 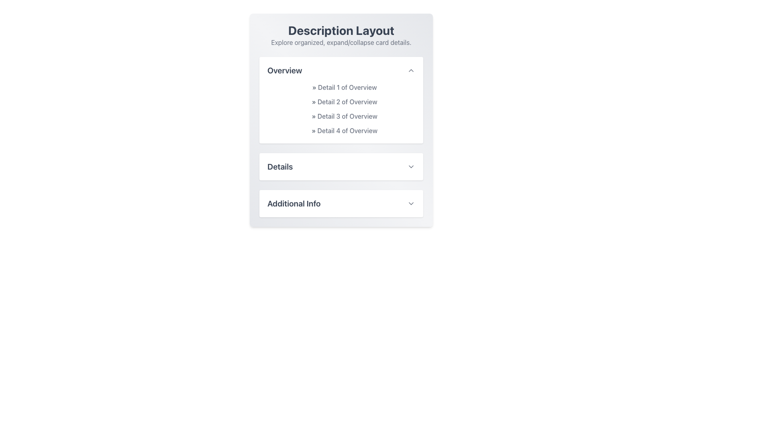 What do you see at coordinates (285, 70) in the screenshot?
I see `the 'Overview' Text Label, which serves as a header for the section in the 'Description Layout' panel, located at the coordinates provided` at bounding box center [285, 70].